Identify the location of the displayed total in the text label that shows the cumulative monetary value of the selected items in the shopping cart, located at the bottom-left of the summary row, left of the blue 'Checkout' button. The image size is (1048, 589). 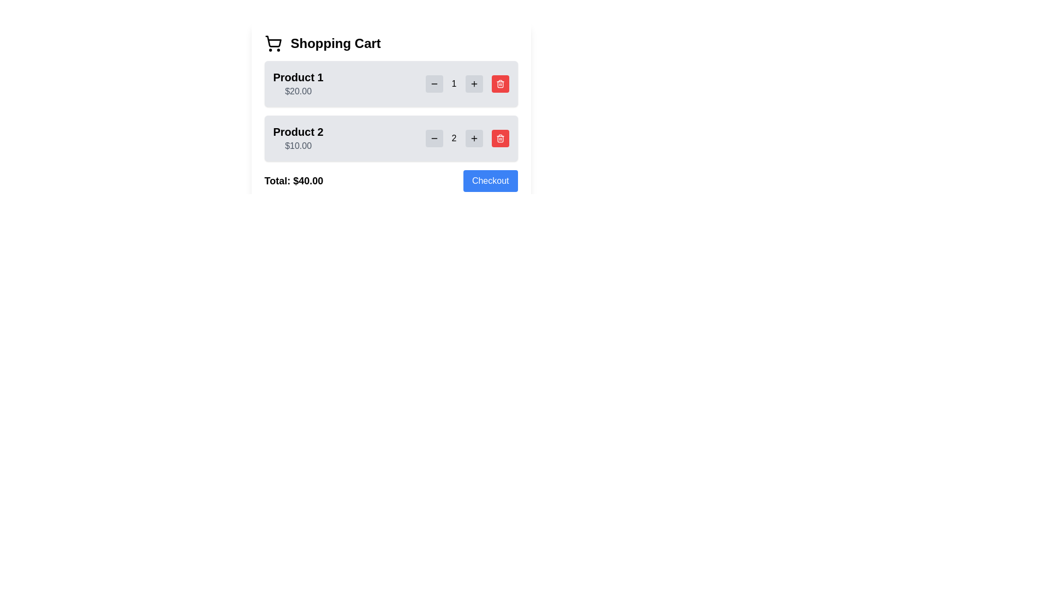
(294, 180).